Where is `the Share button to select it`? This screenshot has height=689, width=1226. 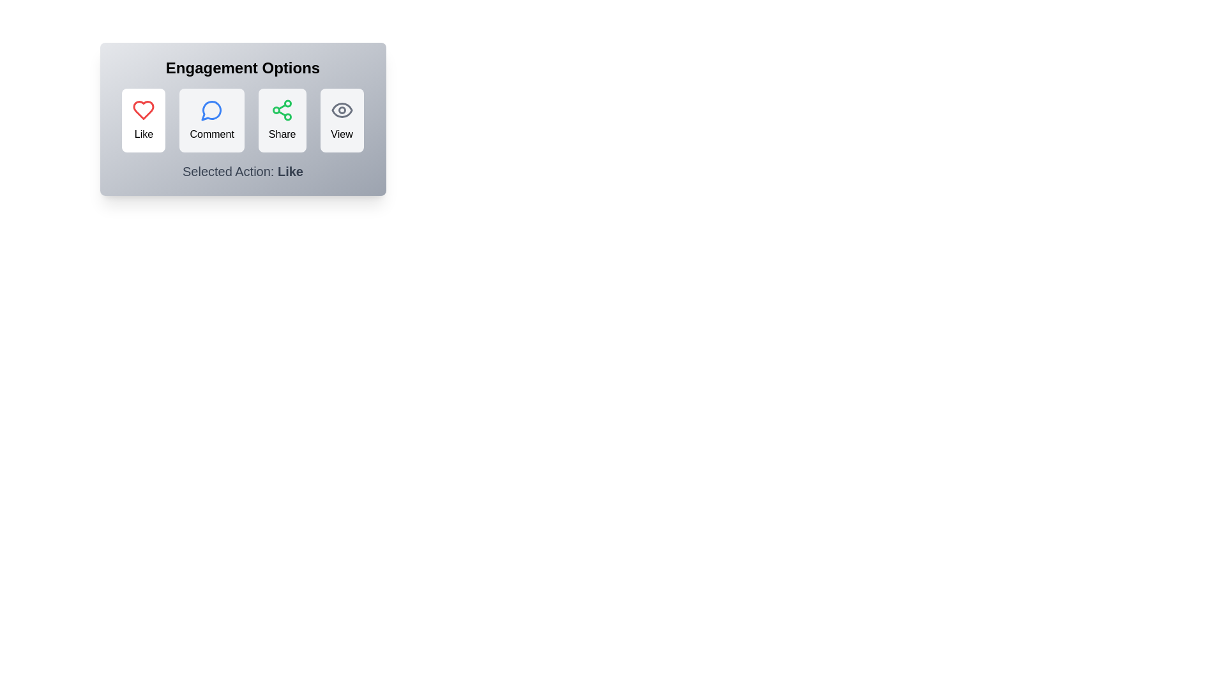
the Share button to select it is located at coordinates (282, 121).